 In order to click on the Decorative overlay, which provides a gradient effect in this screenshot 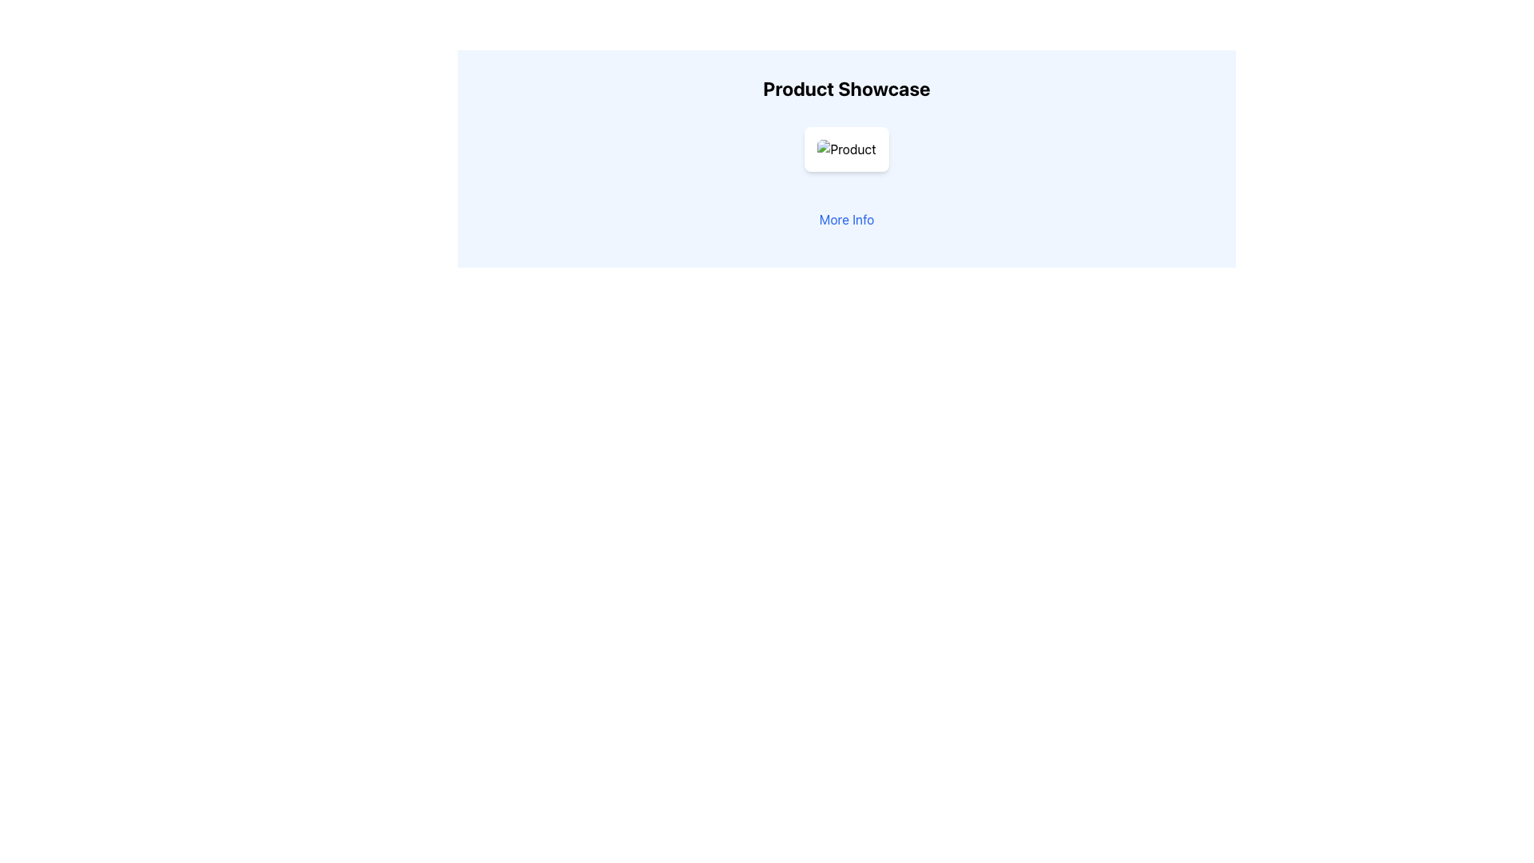, I will do `click(846, 145)`.